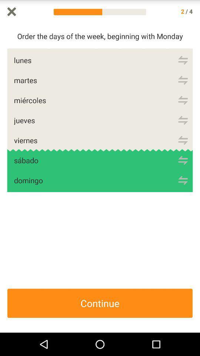  Describe the element at coordinates (183, 120) in the screenshot. I see `re-arrange word order` at that location.